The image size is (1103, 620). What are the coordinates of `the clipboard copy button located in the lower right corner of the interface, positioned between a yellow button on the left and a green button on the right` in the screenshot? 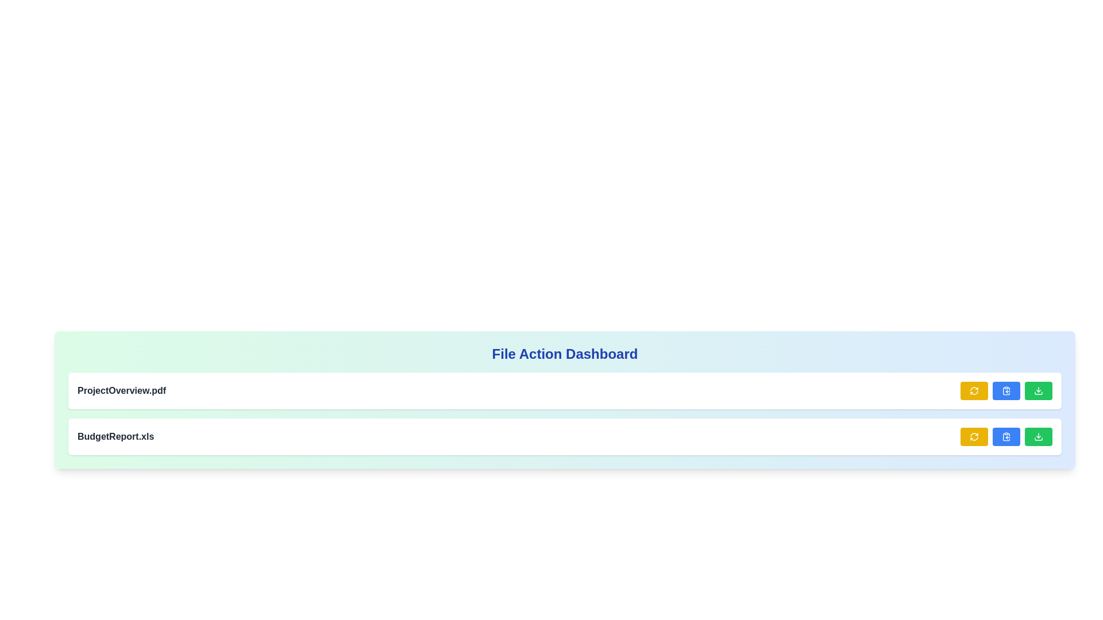 It's located at (1006, 390).